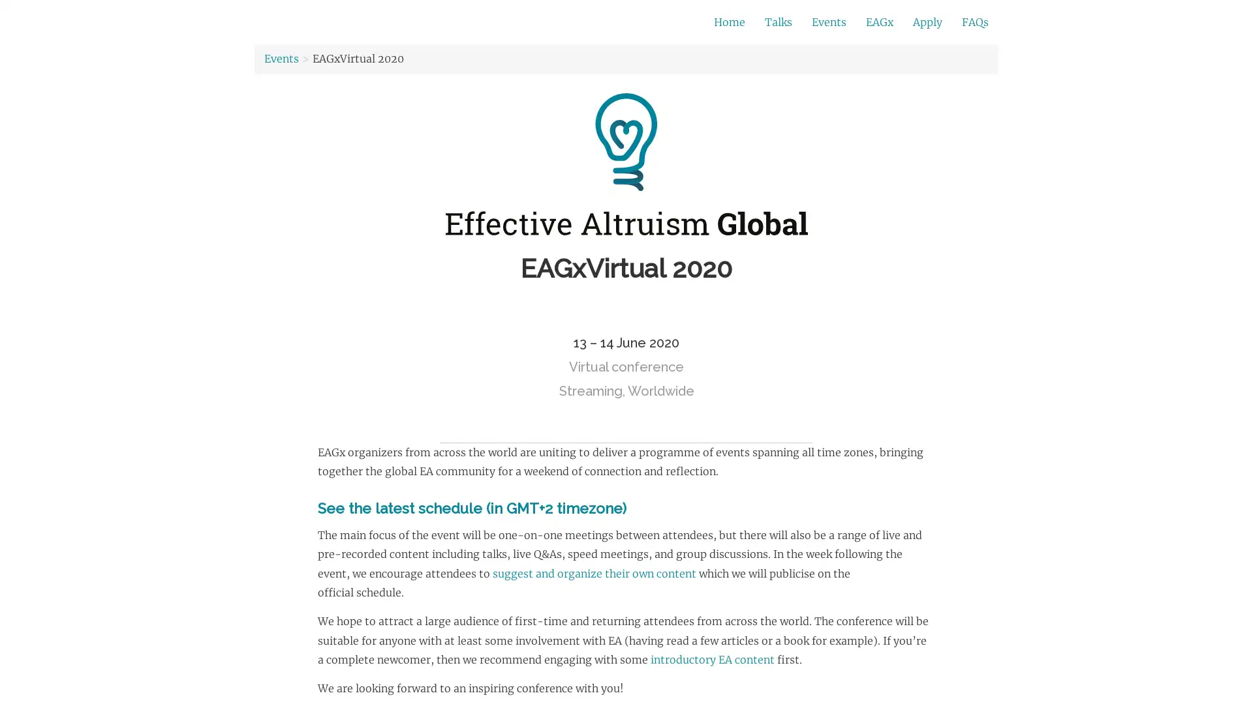 This screenshot has height=704, width=1253. I want to click on Get occasional emails about effective altruism, so click(516, 22).